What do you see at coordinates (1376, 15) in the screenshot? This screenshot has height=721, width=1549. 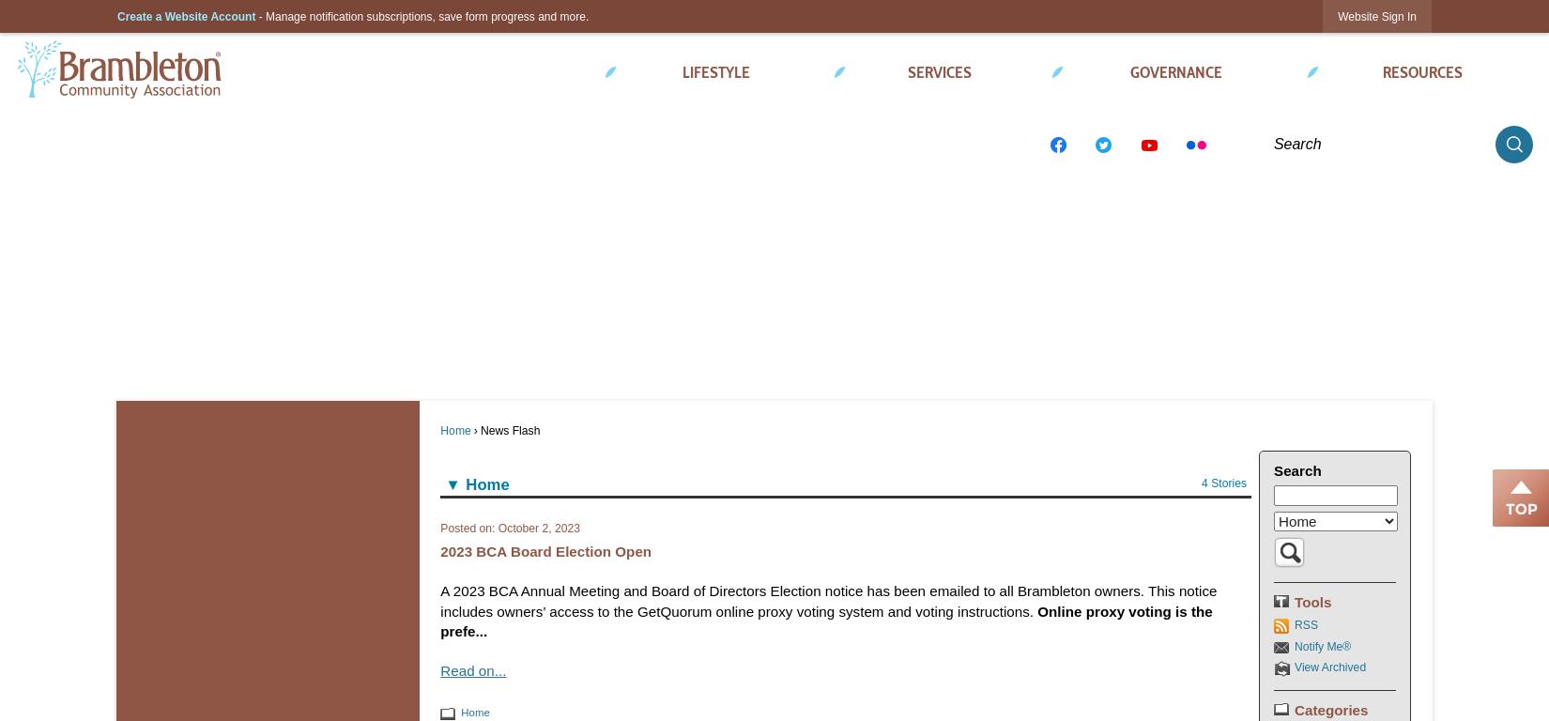 I see `'Website Sign In'` at bounding box center [1376, 15].